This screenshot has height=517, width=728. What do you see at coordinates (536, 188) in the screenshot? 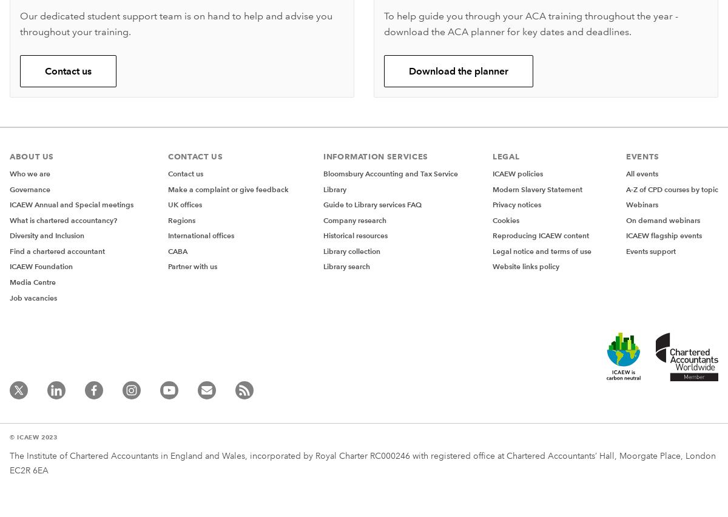
I see `'Modern Slavery Statement'` at bounding box center [536, 188].